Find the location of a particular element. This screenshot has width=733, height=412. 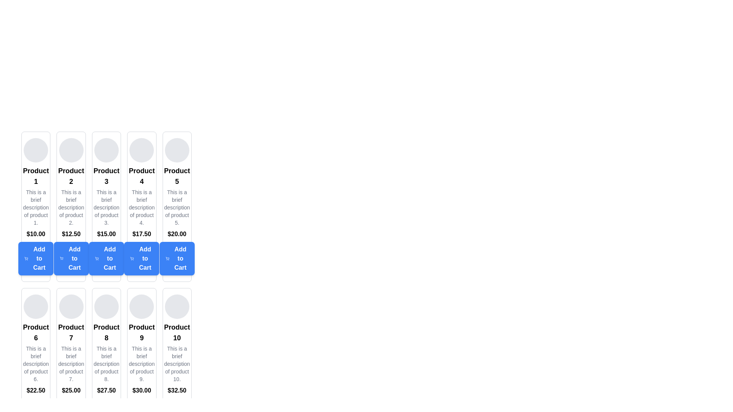

the 'Add to Cart' icon located inside the blue button under the 'Product 3' column, which visually cues users to add the product to their shopping cart is located at coordinates (96, 258).